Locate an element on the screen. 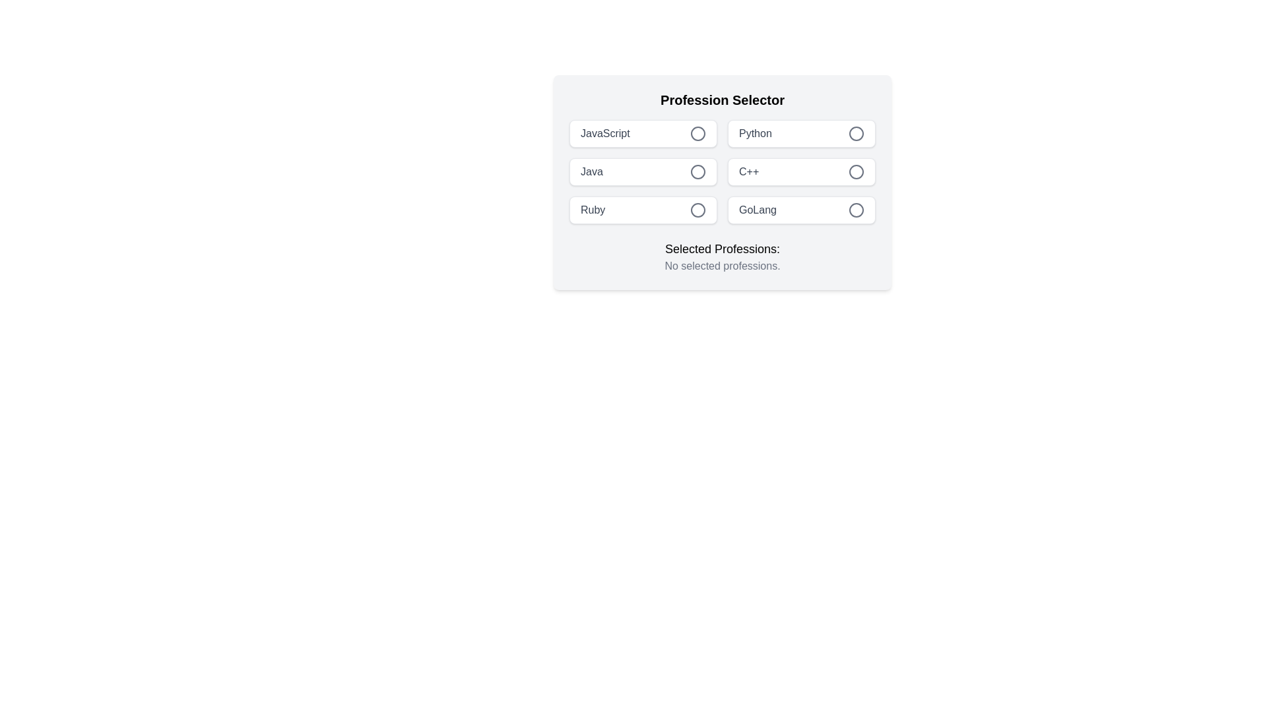  the radio button (circle icon in SVG format) is located at coordinates (856, 210).